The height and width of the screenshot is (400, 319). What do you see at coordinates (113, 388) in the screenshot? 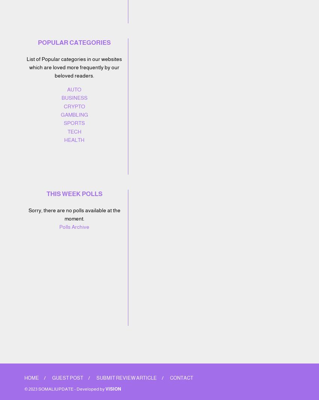
I see `'VISION'` at bounding box center [113, 388].